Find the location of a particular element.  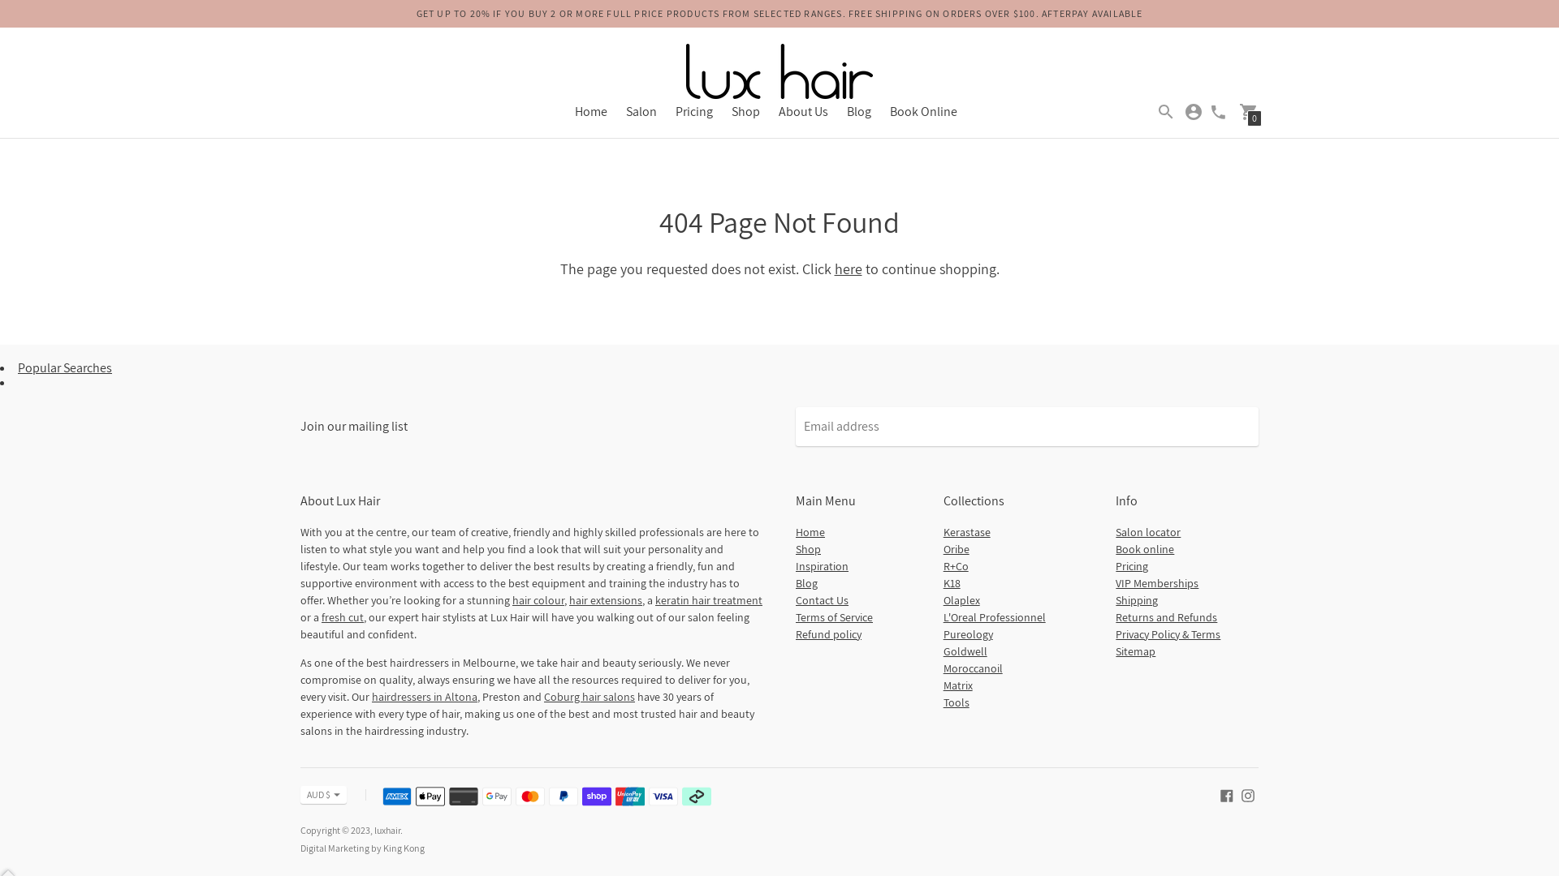

'Goldwell' is located at coordinates (965, 650).